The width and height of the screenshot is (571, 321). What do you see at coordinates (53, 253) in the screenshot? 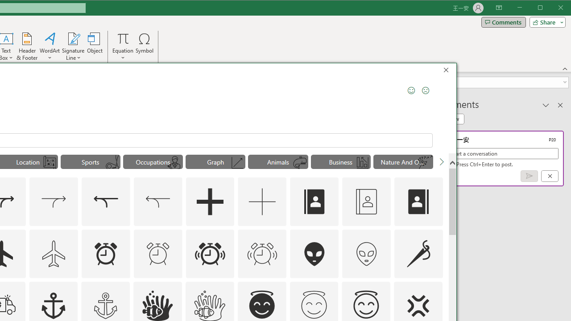
I see `'AutomationID: Icons_Airplane_M'` at bounding box center [53, 253].